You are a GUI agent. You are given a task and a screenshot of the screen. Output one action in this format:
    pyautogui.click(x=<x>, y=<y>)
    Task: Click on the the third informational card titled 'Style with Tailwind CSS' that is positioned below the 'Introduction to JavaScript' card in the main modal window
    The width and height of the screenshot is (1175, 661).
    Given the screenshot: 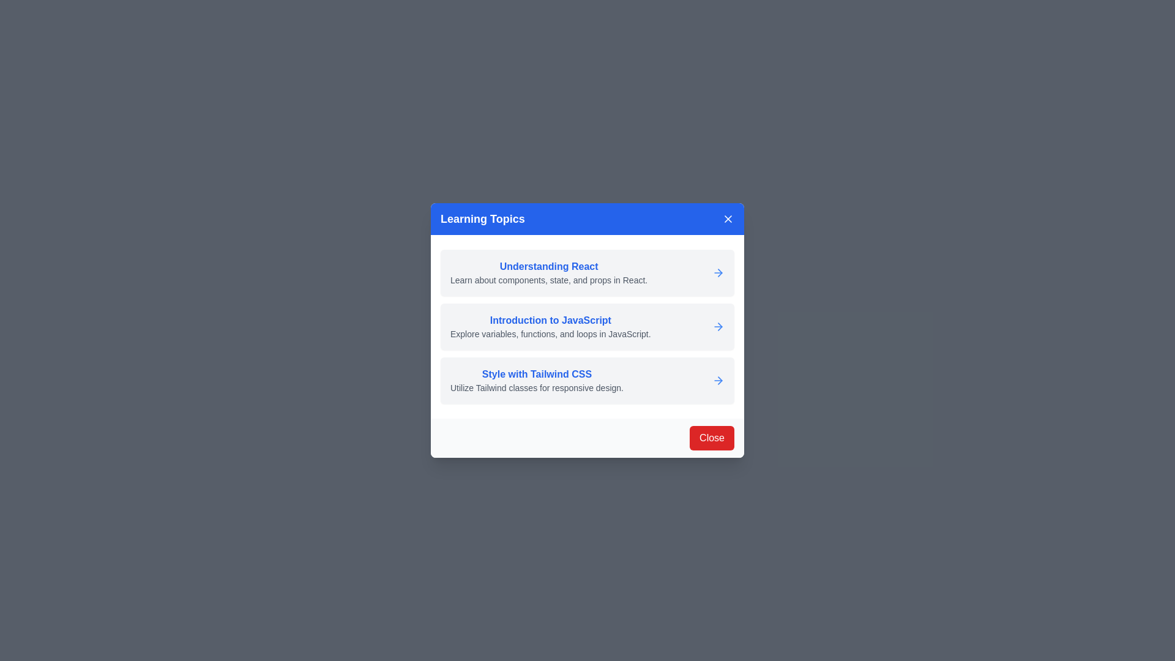 What is the action you would take?
    pyautogui.click(x=587, y=379)
    